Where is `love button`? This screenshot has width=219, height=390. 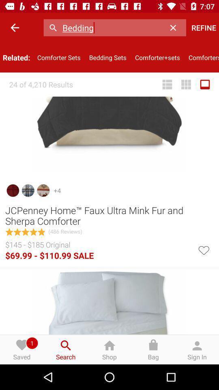 love button is located at coordinates (203, 249).